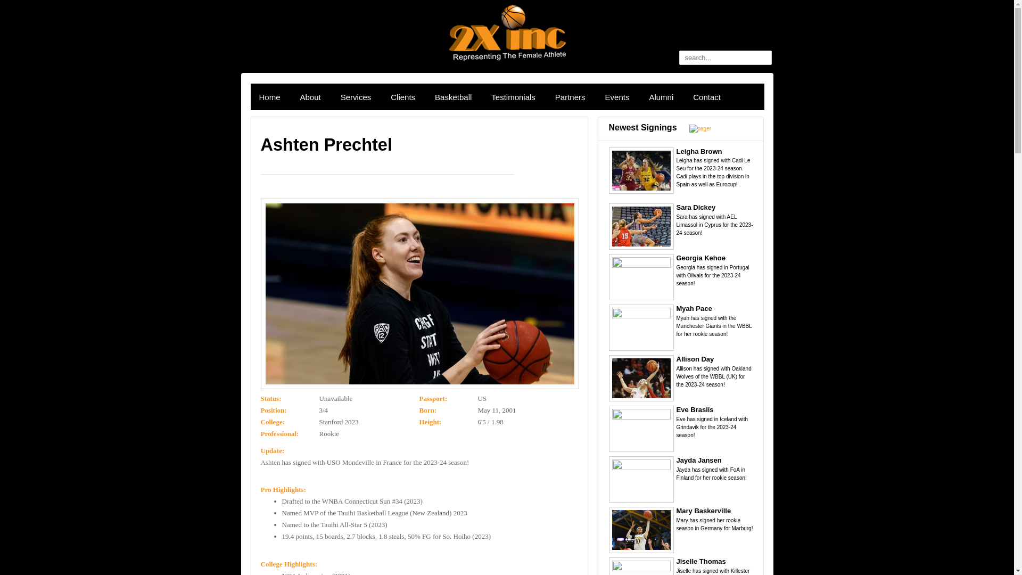  I want to click on 'Partners', so click(570, 97).